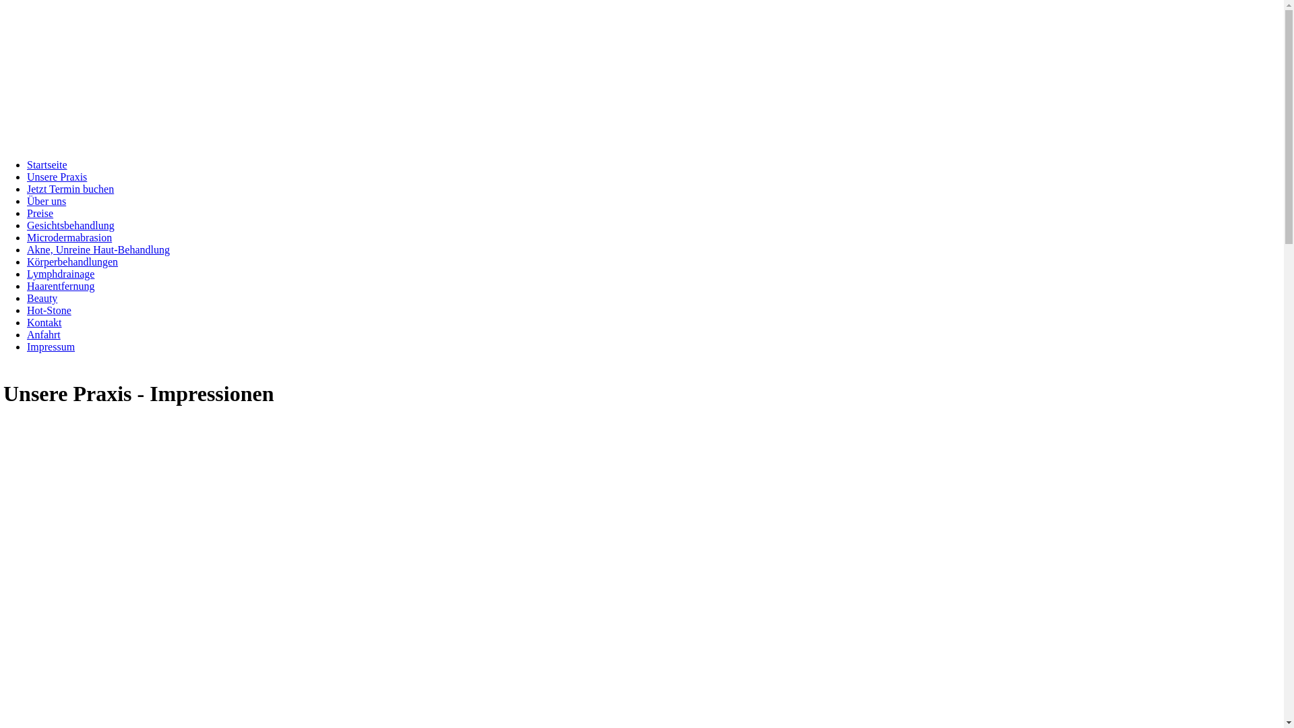 The width and height of the screenshot is (1294, 728). What do you see at coordinates (44, 334) in the screenshot?
I see `'Anfahrt'` at bounding box center [44, 334].